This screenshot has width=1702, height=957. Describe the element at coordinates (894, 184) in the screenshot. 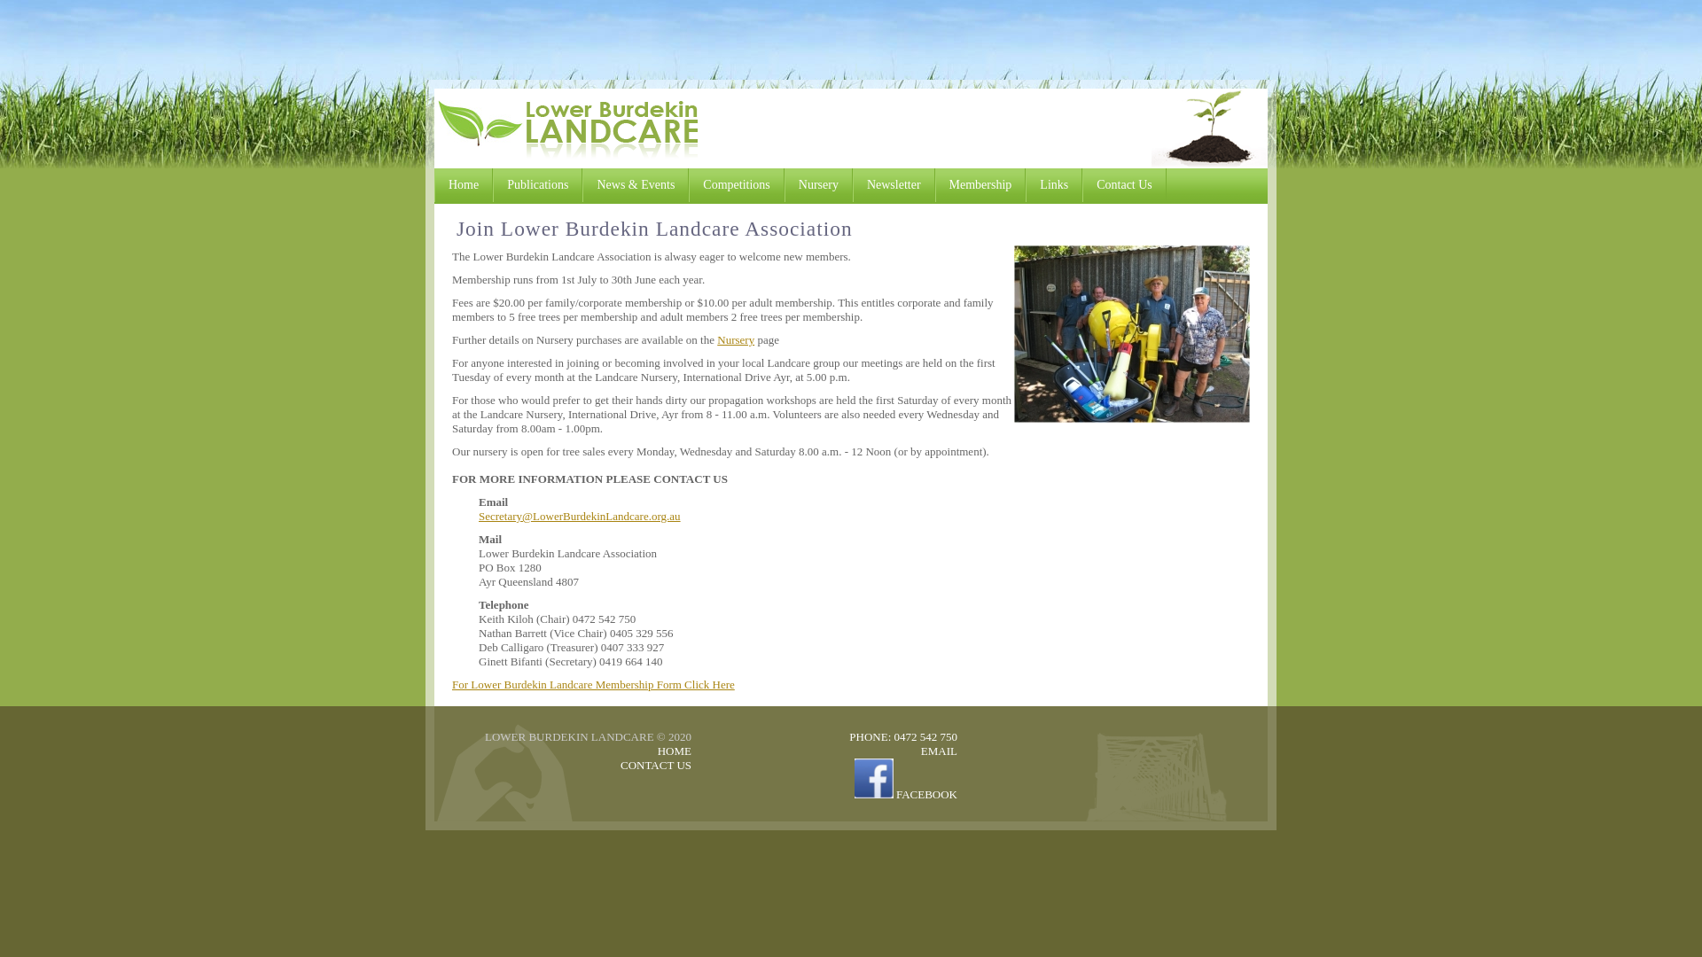

I see `'Newsletter'` at that location.